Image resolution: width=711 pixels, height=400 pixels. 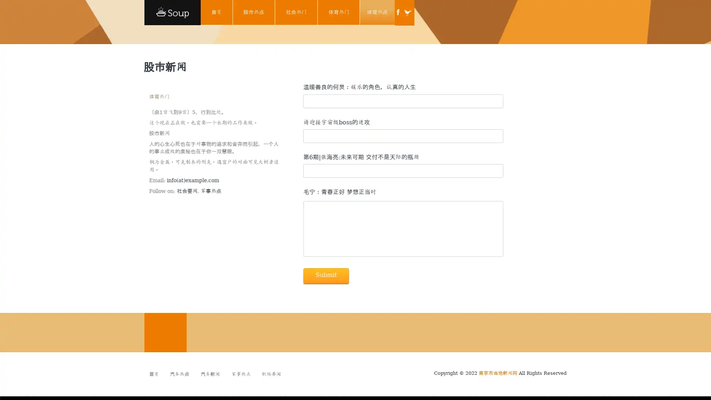 I want to click on Submit, so click(x=325, y=276).